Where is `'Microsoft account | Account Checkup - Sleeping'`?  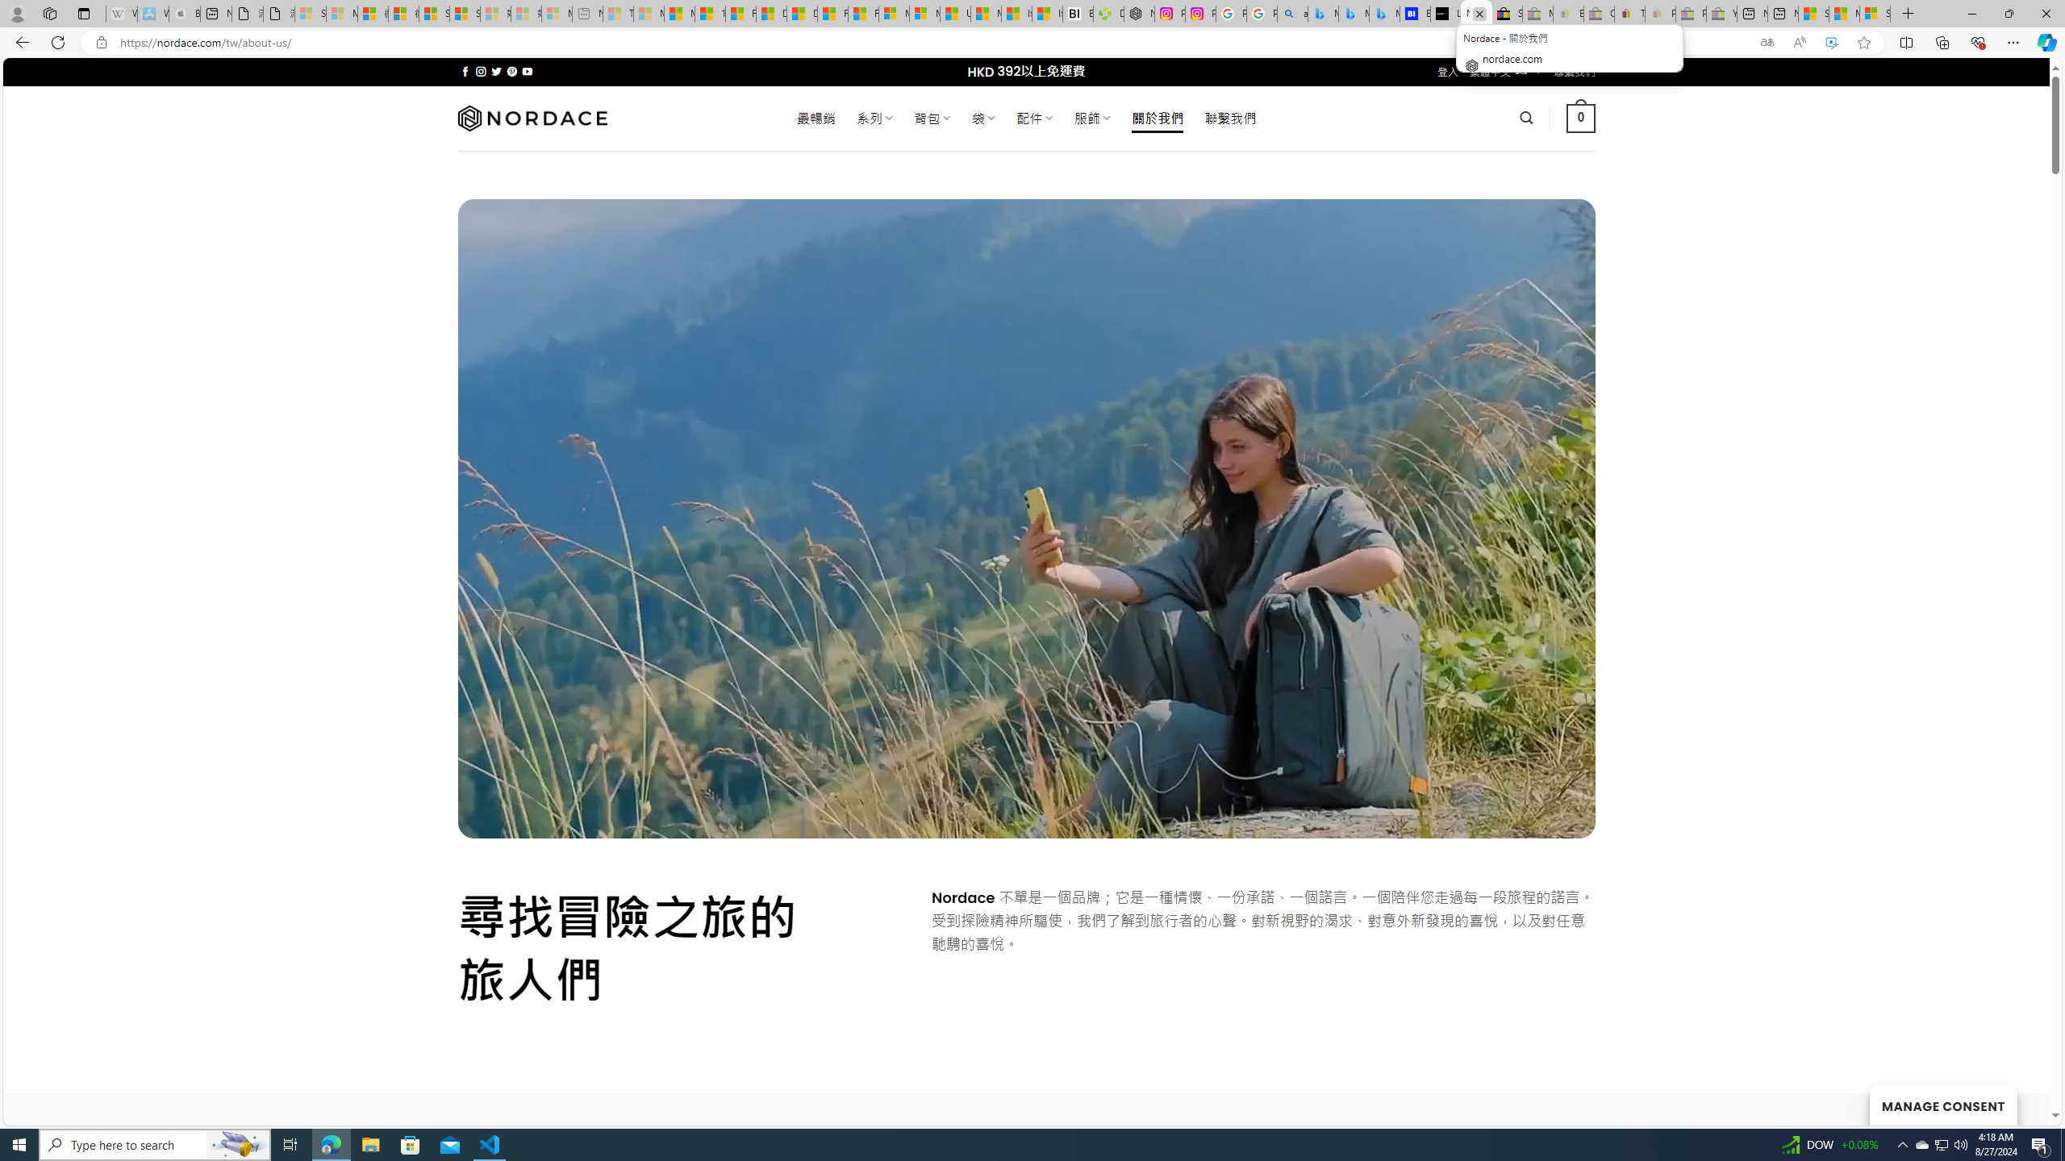
'Microsoft account | Account Checkup - Sleeping' is located at coordinates (555, 13).